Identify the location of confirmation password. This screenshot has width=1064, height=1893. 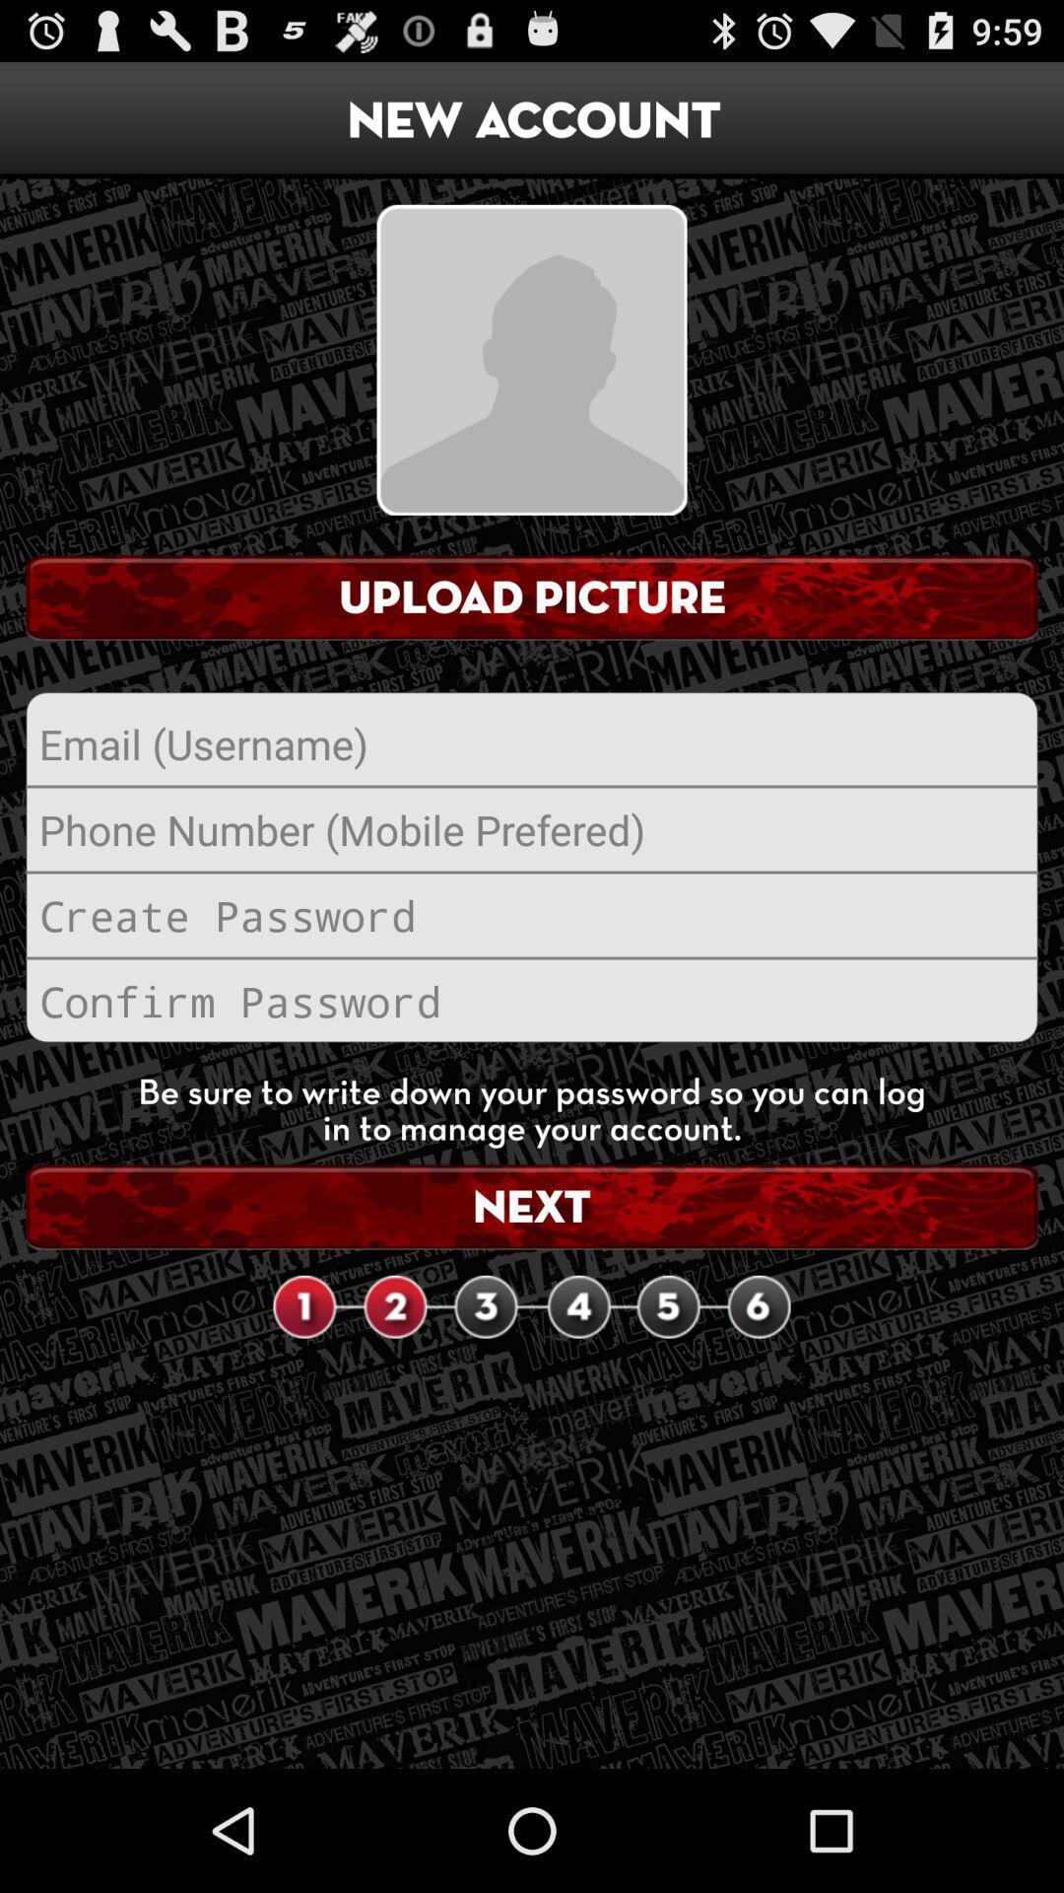
(532, 1001).